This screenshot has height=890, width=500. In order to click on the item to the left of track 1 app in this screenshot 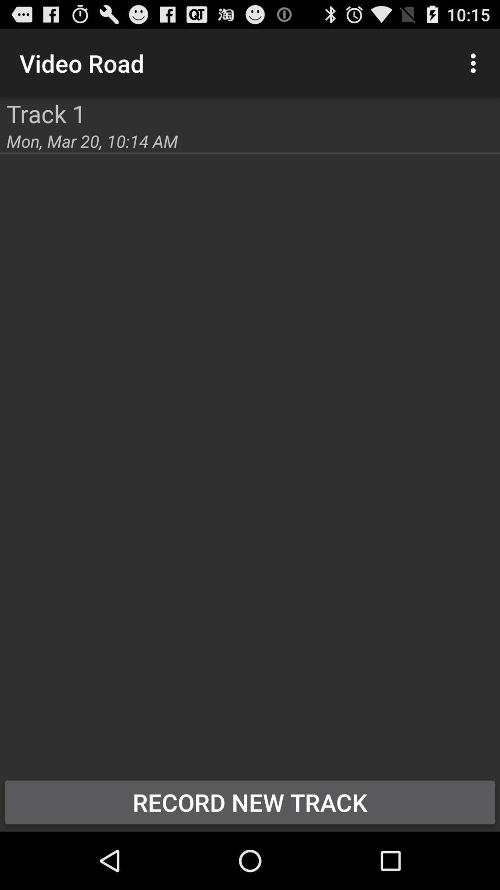, I will do `click(0, 97)`.